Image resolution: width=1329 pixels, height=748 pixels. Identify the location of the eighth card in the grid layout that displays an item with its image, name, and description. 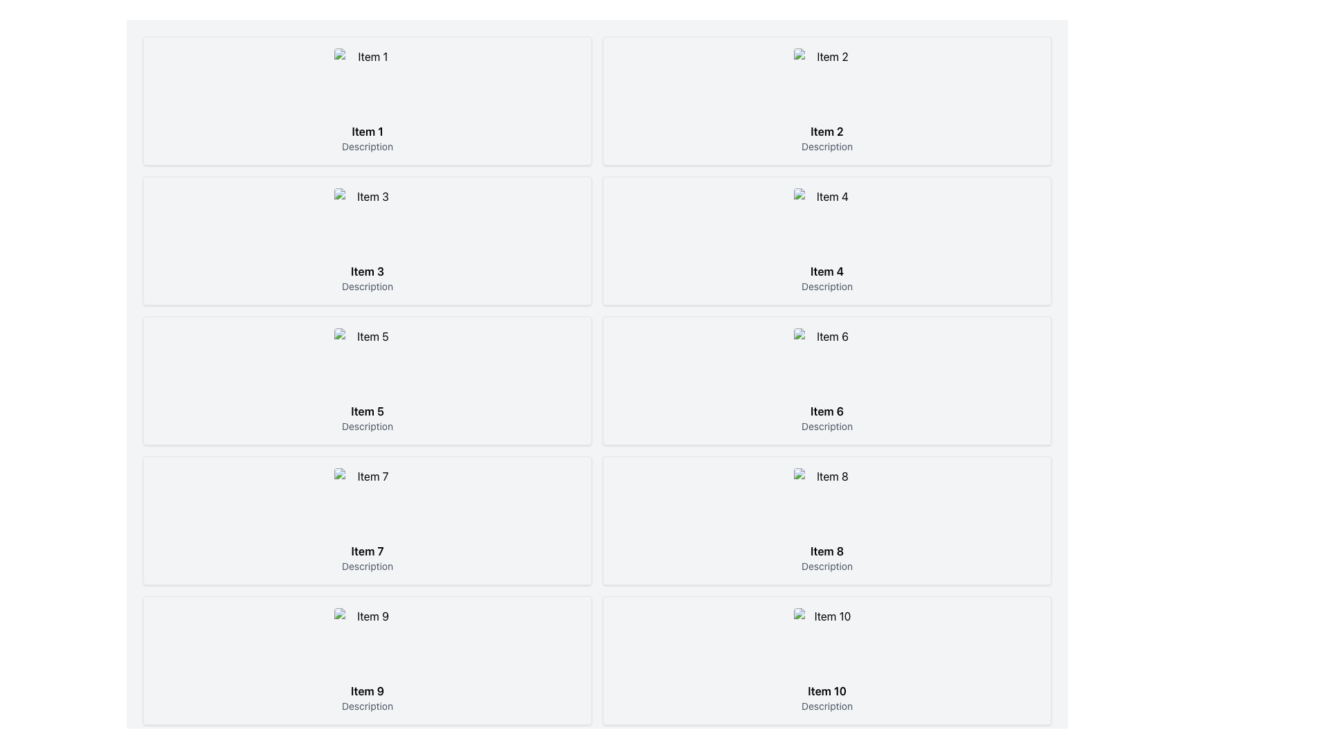
(827, 521).